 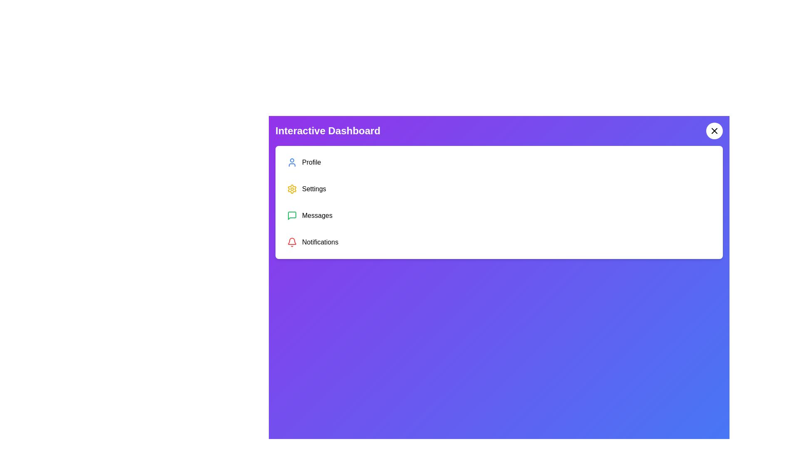 What do you see at coordinates (313, 189) in the screenshot?
I see `the 'Settings' text label, which is displayed in black font and positioned to the right of a yellow gear icon, as the second entry in the settings list` at bounding box center [313, 189].